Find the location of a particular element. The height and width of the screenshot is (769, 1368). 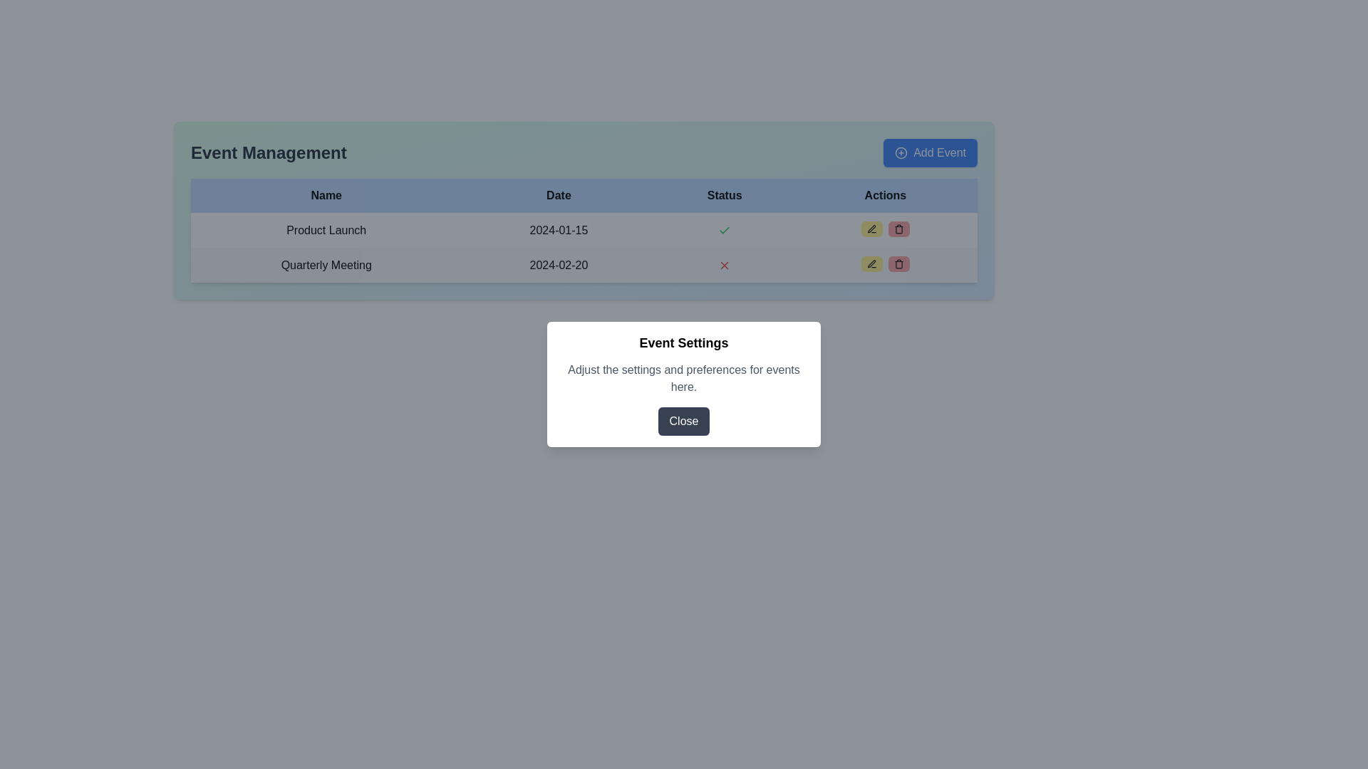

the first row of the table under the 'Event Management' heading, which represents the scheduled event 'Product Launch' is located at coordinates (584, 229).